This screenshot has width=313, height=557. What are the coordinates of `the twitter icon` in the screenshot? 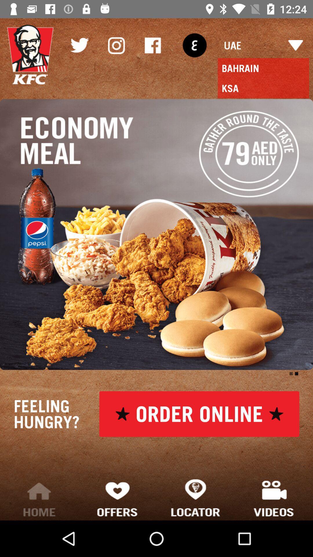 It's located at (79, 45).